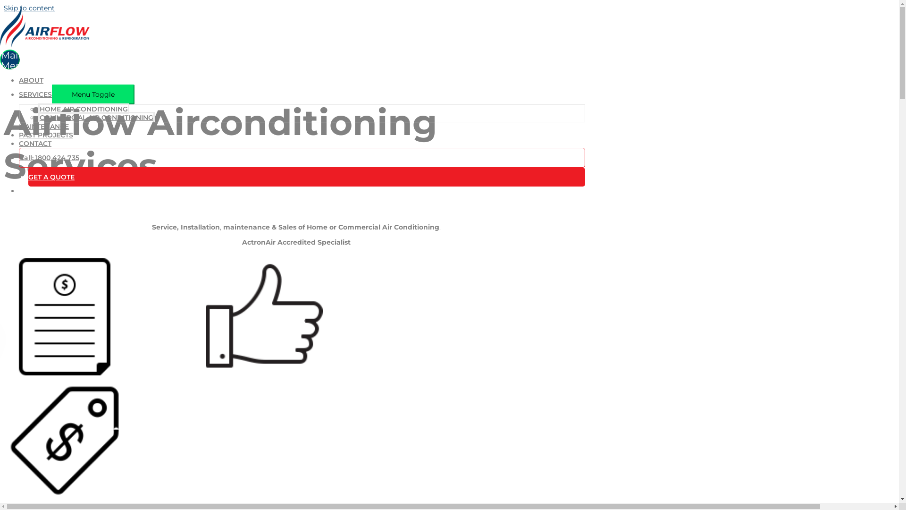 This screenshot has height=510, width=906. Describe the element at coordinates (84, 108) in the screenshot. I see `'HOME AIR CONDITIONING'` at that location.